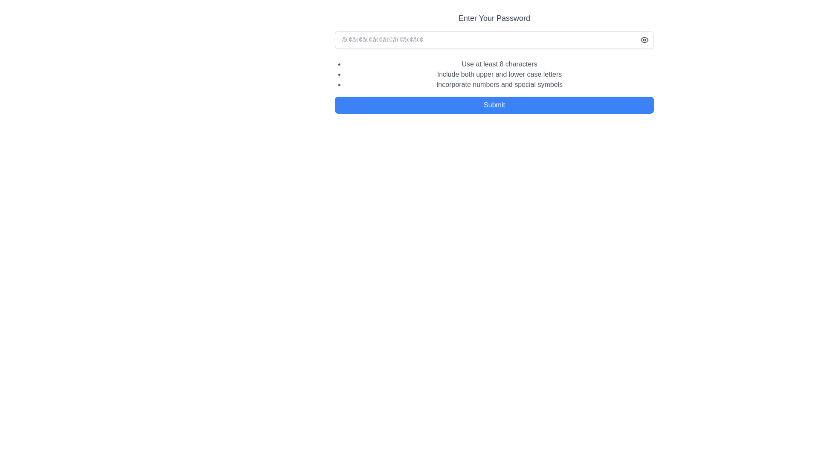 Image resolution: width=819 pixels, height=460 pixels. I want to click on the confirmation button located centrally at the bottom of the form, so click(494, 104).